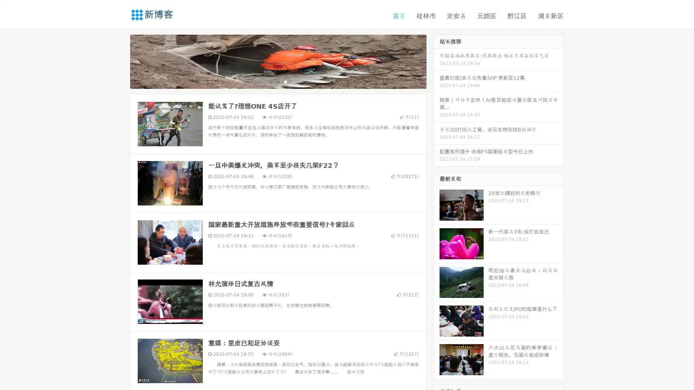 This screenshot has height=390, width=694. Describe the element at coordinates (278, 81) in the screenshot. I see `Go to slide 2` at that location.